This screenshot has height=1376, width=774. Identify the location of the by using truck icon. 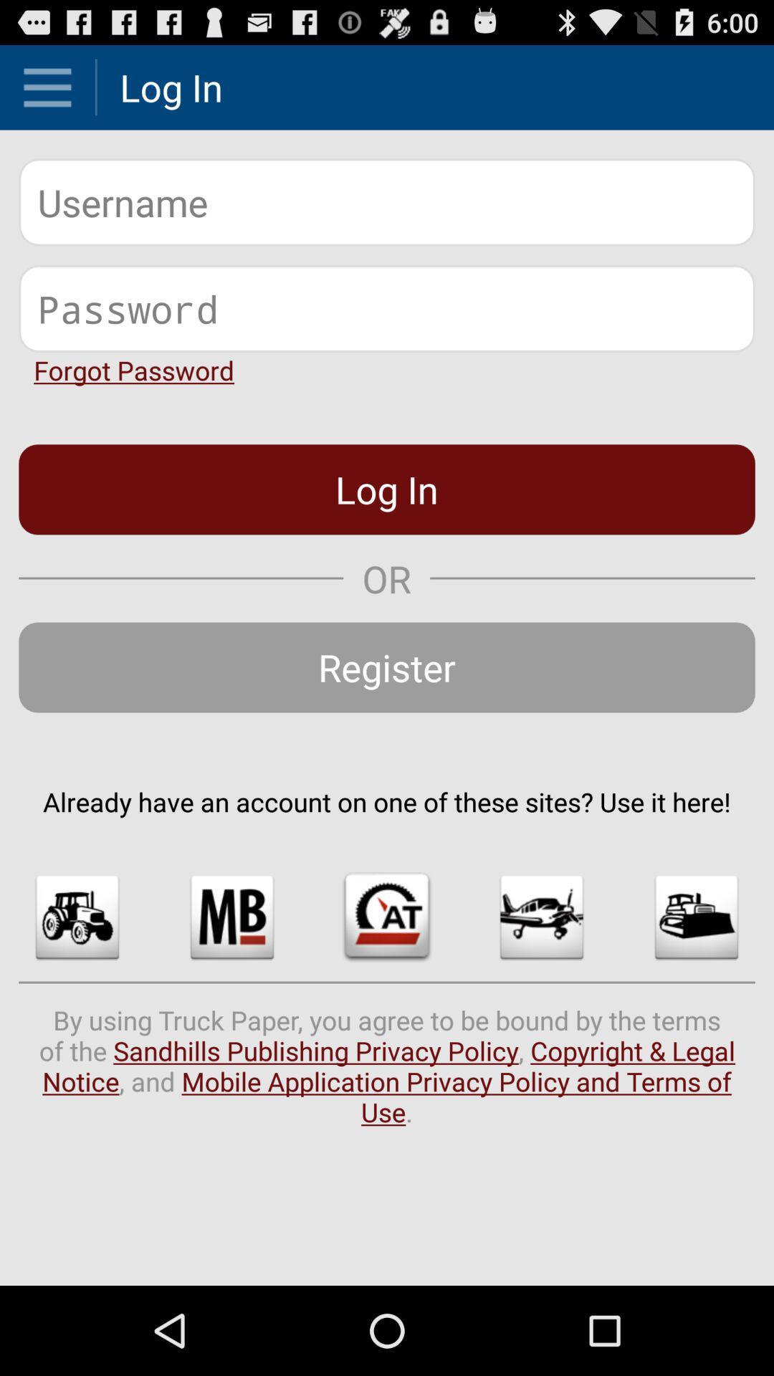
(387, 1066).